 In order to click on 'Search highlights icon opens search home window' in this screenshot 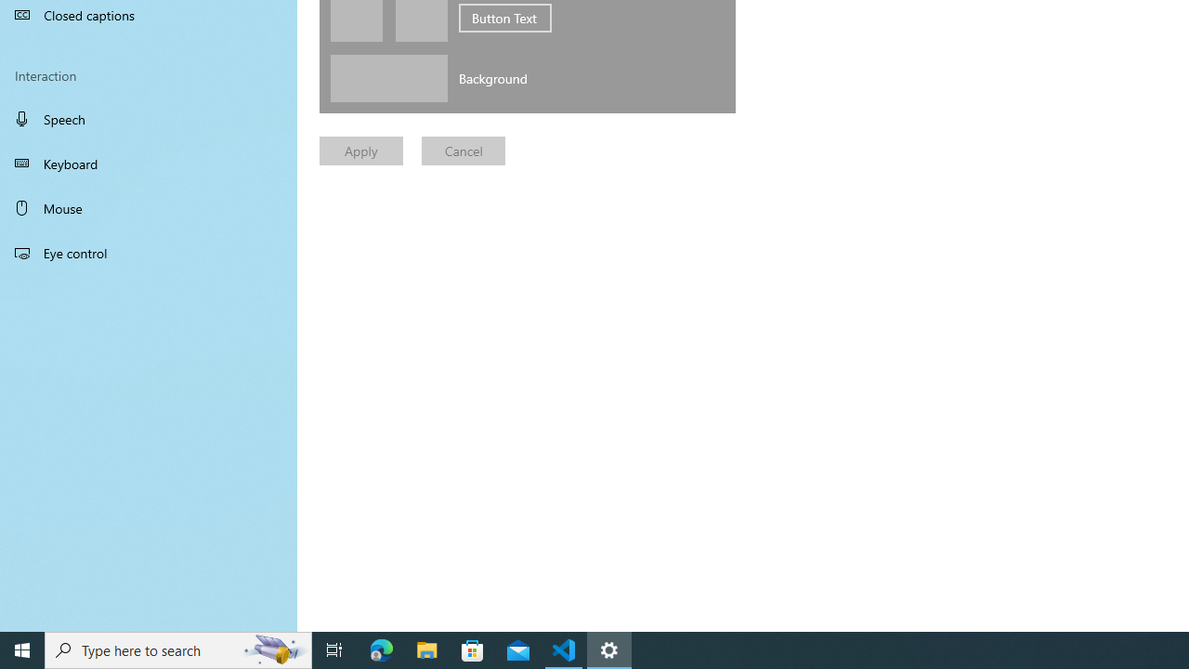, I will do `click(273, 649)`.